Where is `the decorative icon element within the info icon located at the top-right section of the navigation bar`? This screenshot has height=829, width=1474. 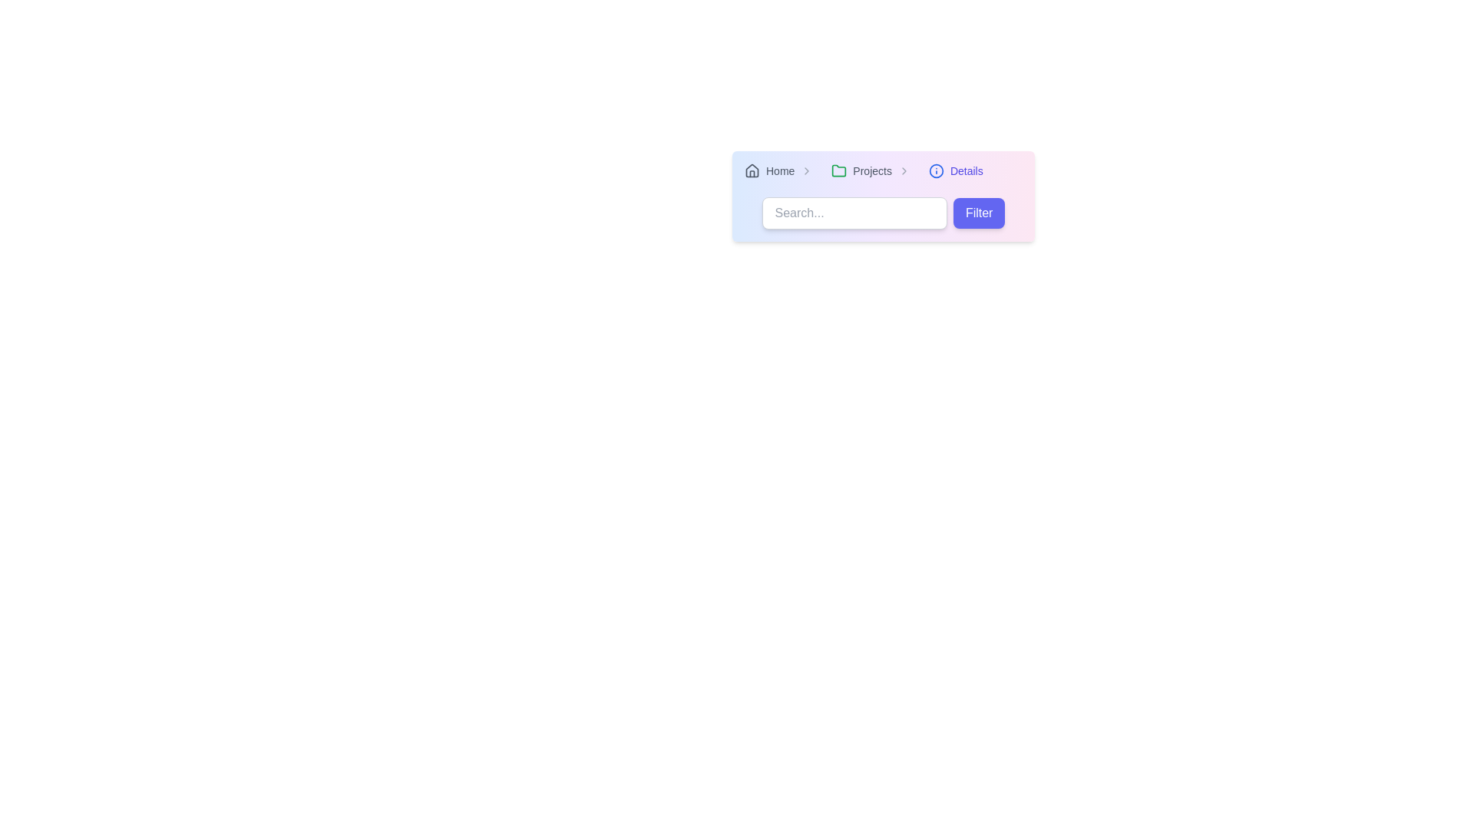
the decorative icon element within the info icon located at the top-right section of the navigation bar is located at coordinates (935, 171).